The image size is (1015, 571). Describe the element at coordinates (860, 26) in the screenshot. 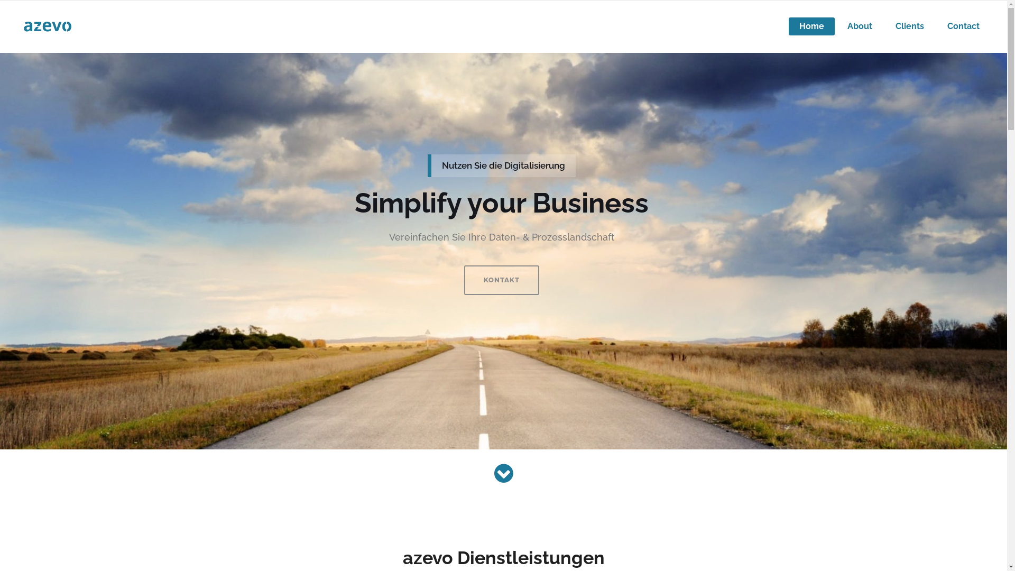

I see `'About'` at that location.